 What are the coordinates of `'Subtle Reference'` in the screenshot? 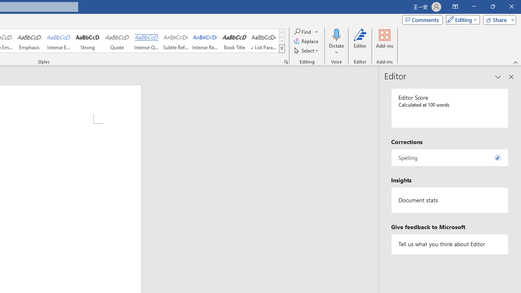 It's located at (175, 41).